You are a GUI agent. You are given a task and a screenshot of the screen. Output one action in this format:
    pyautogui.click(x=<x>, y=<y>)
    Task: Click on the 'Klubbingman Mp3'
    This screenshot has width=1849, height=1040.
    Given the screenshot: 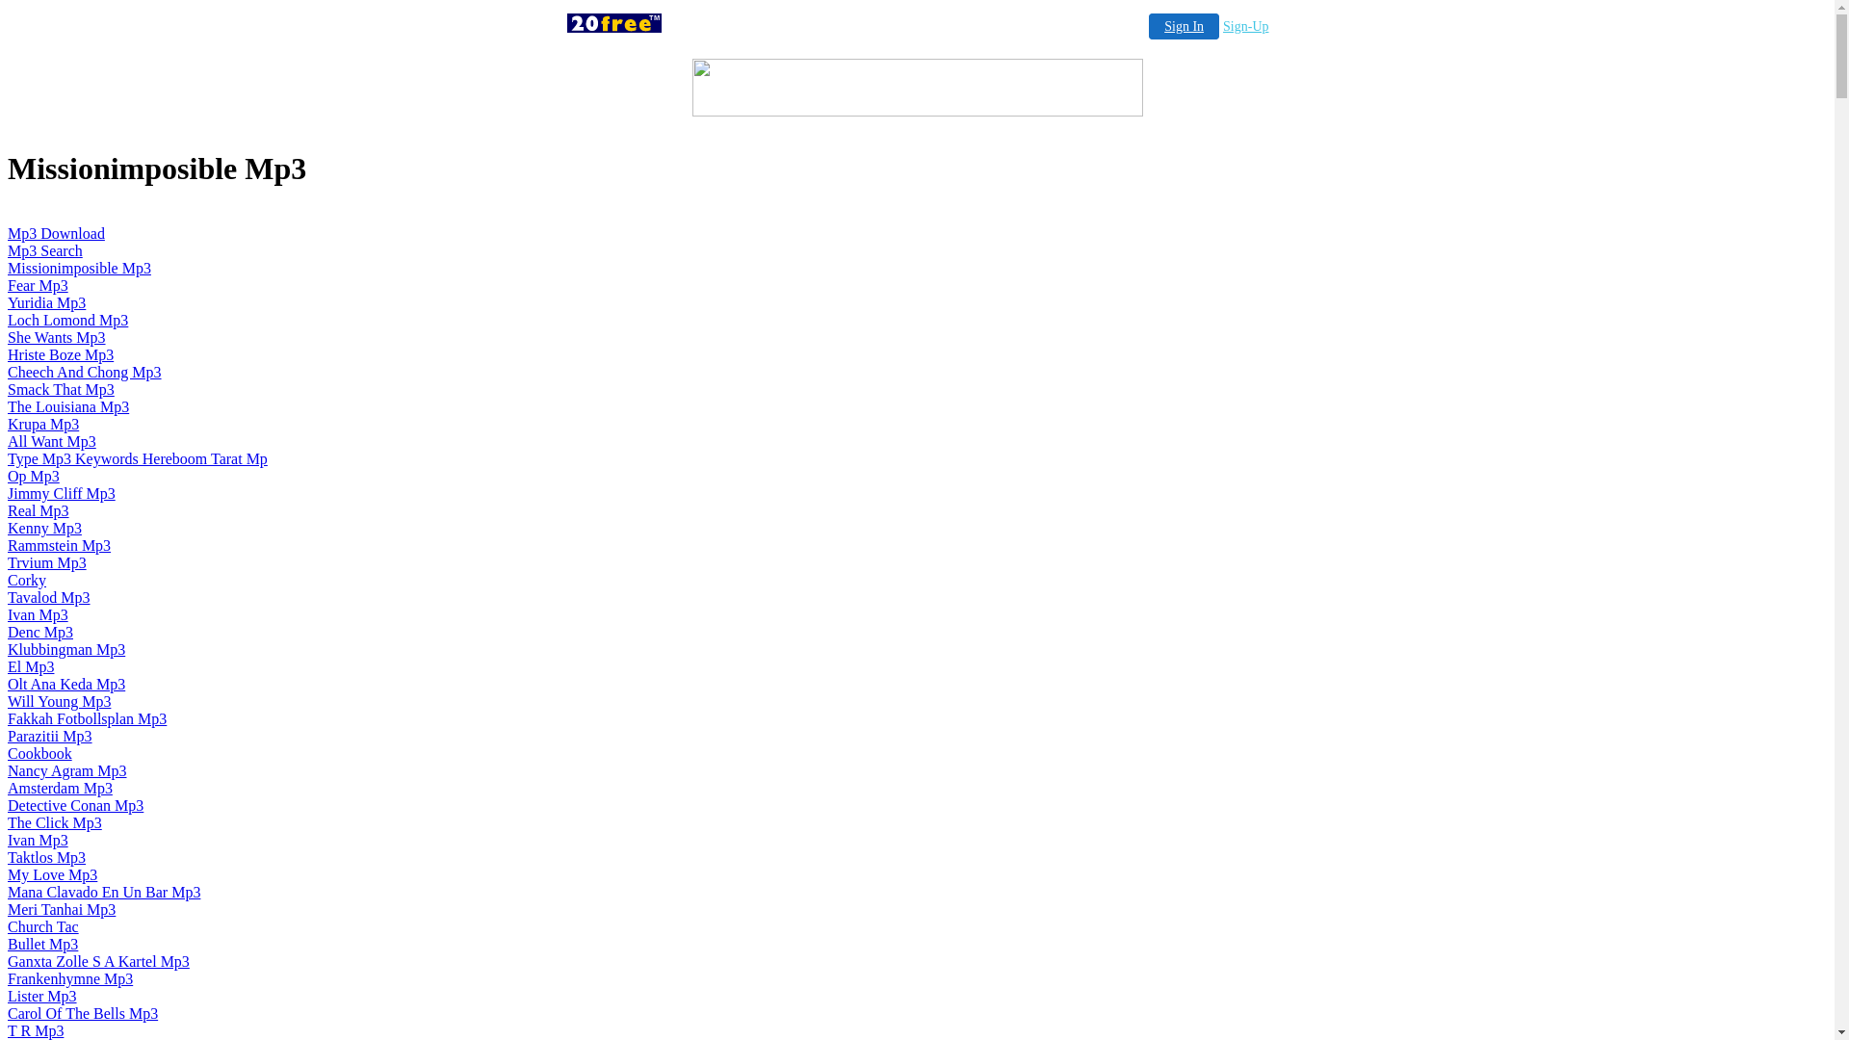 What is the action you would take?
    pyautogui.click(x=65, y=649)
    